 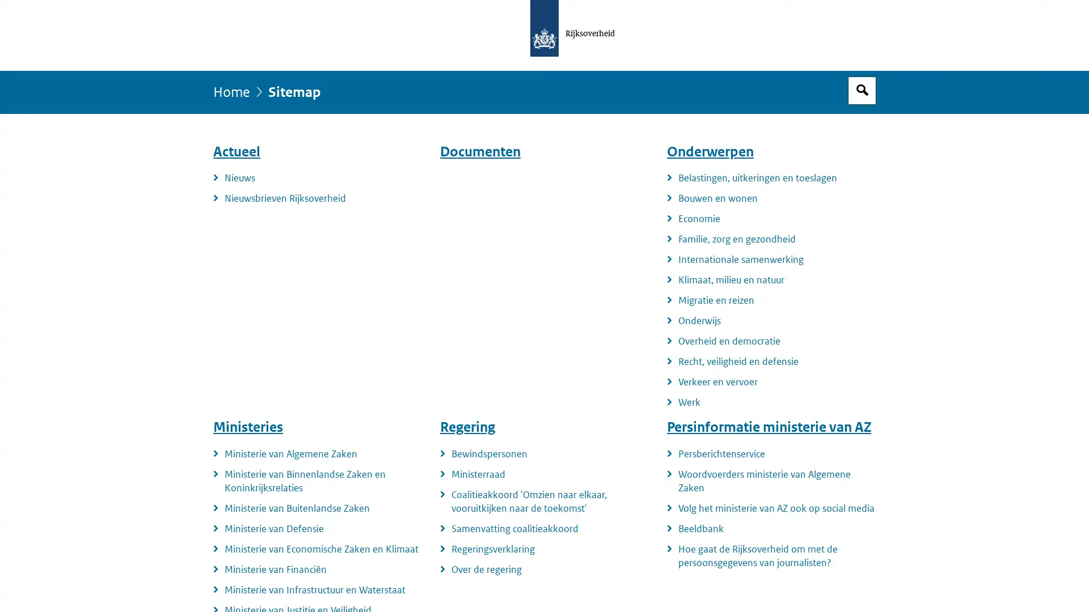 What do you see at coordinates (862, 90) in the screenshot?
I see `Open zoekveld` at bounding box center [862, 90].